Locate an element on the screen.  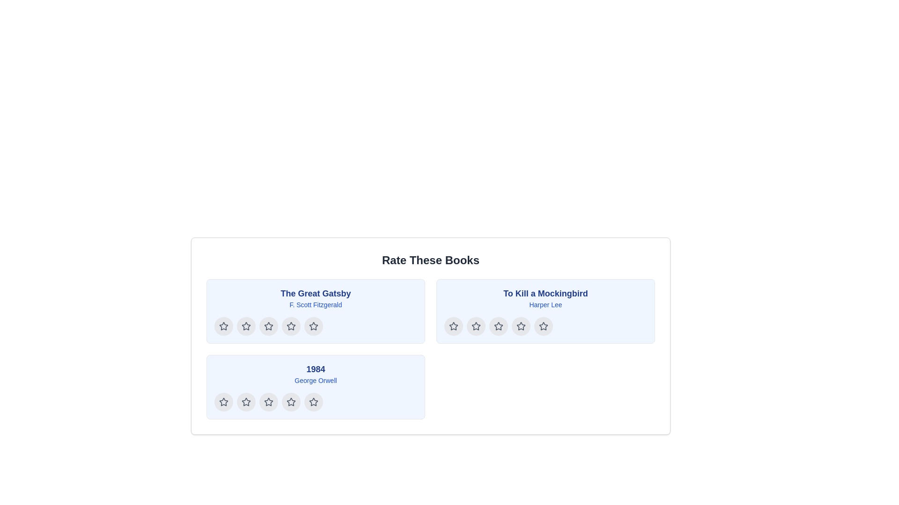
the interactive star icon is located at coordinates (223, 325).